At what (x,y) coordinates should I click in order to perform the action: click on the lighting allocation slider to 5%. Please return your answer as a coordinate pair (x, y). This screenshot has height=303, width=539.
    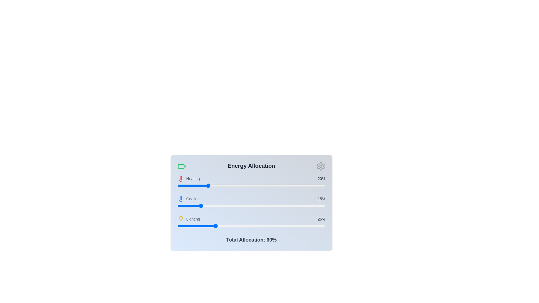
    Looking at the image, I should click on (184, 226).